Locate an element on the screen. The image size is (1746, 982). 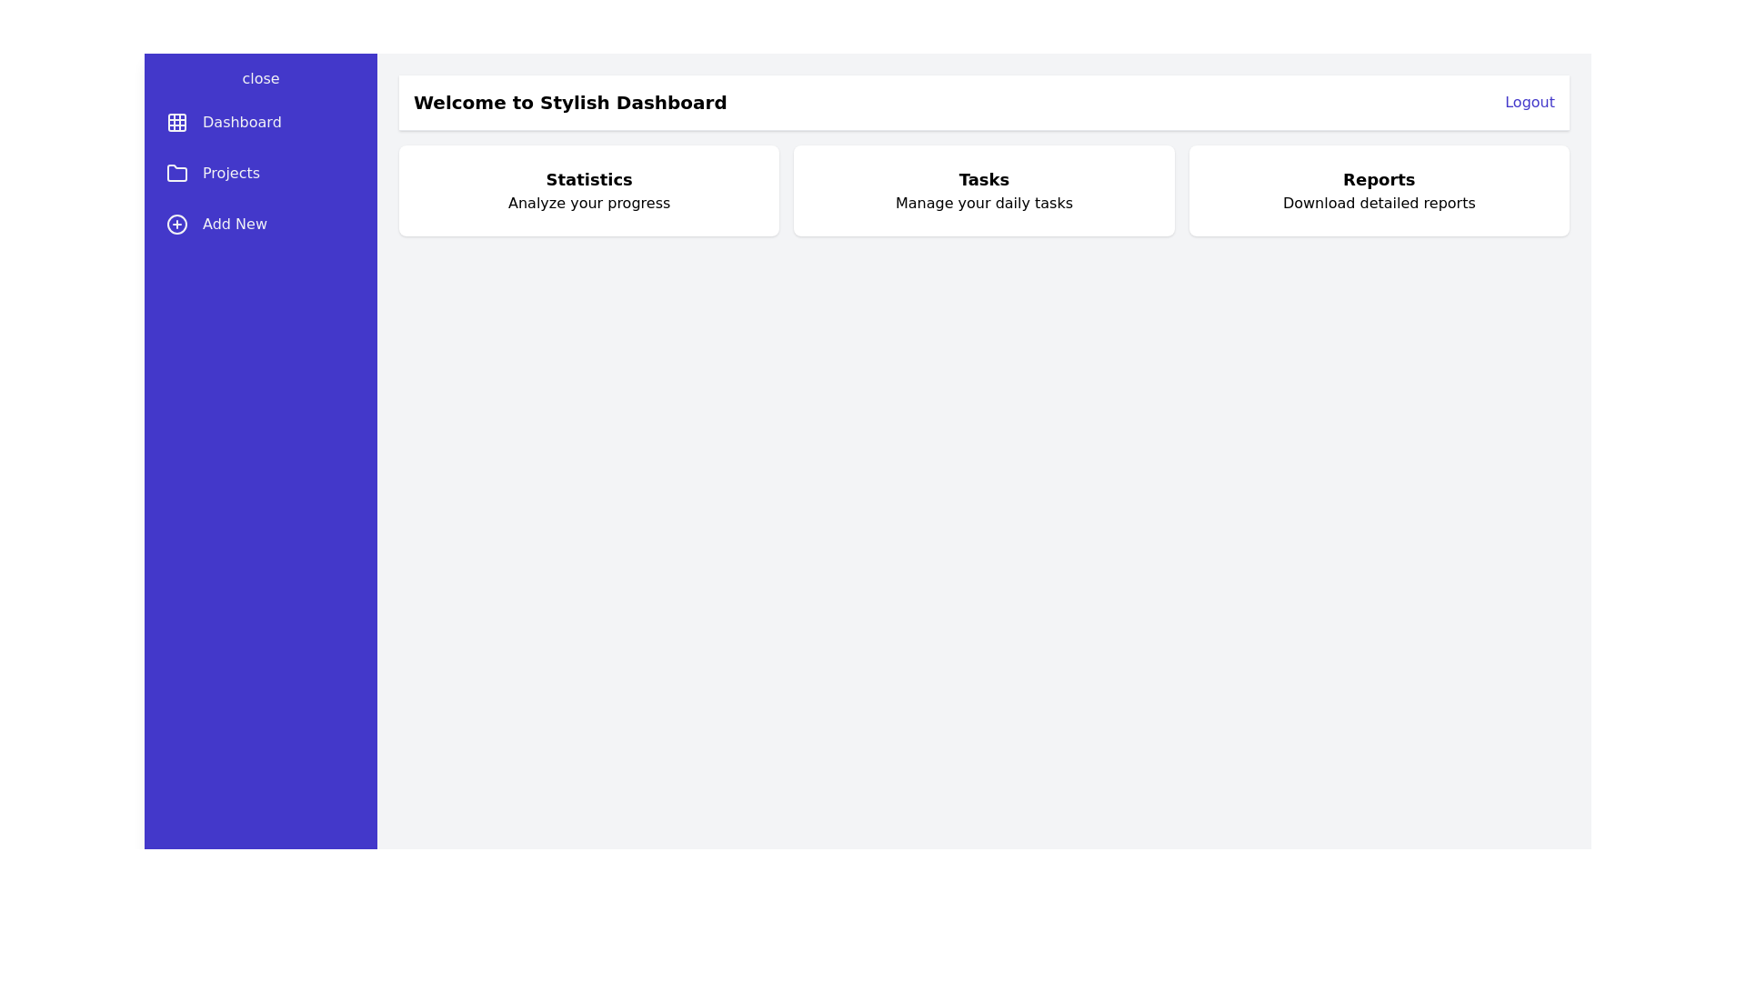
the center of the circular icon element in the left vertical navigation menu, which is visually associated with the 'Add New' text is located at coordinates (177, 223).